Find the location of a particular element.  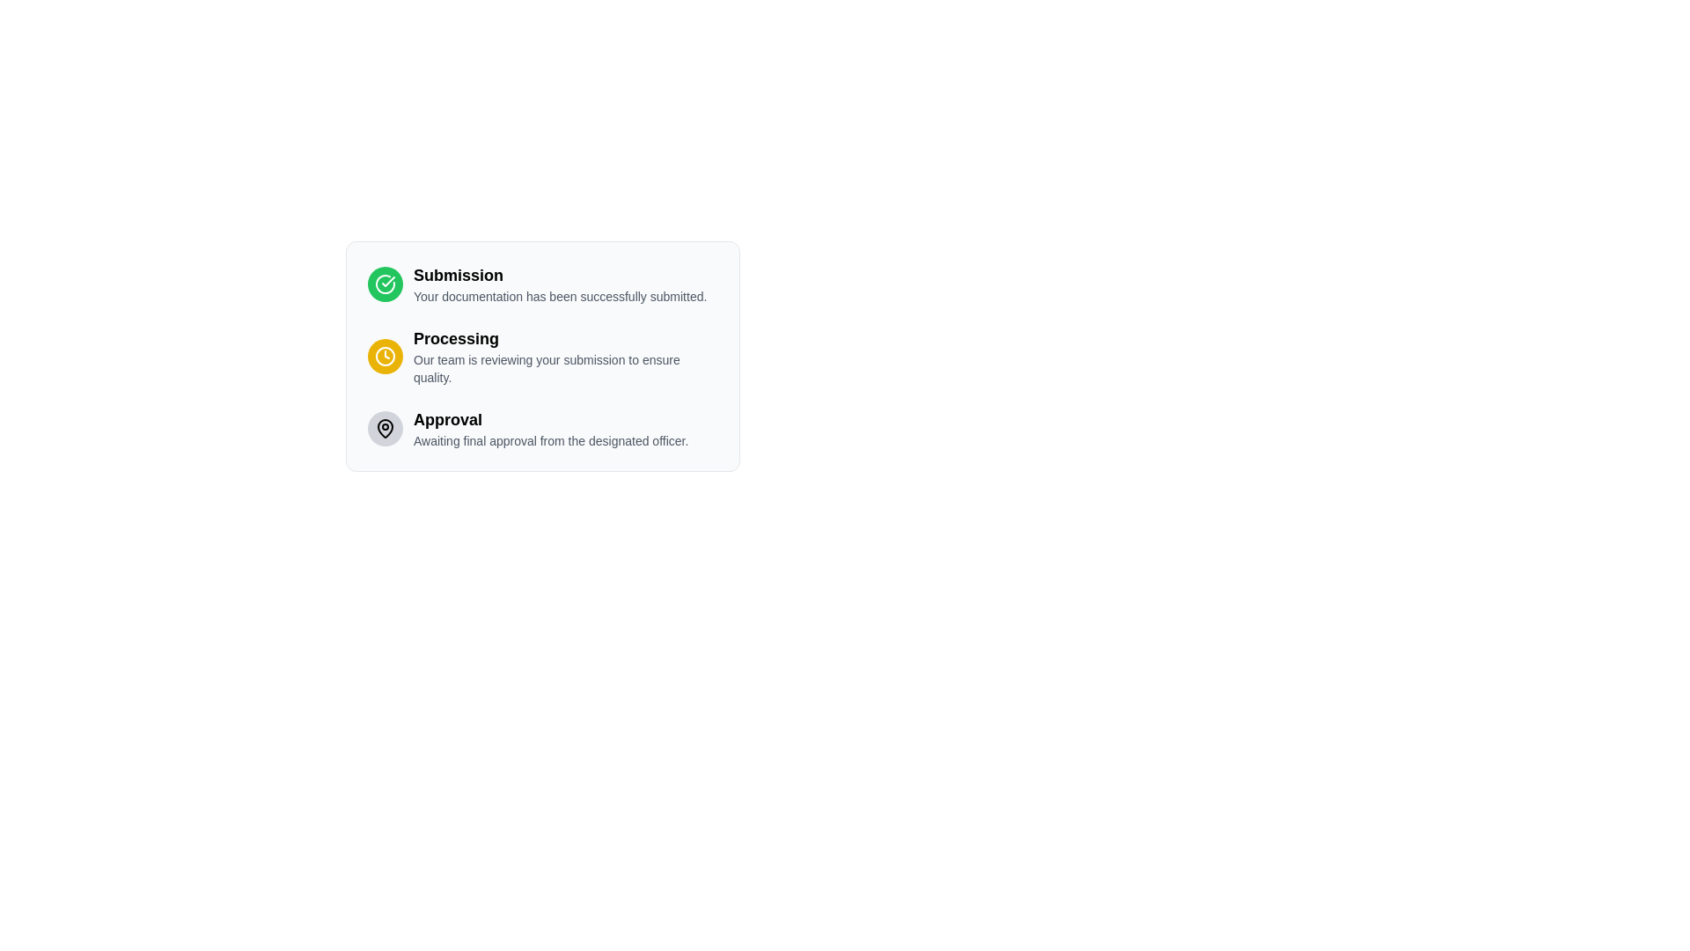

the clock icon with a yellow background located in the 'Processing' step of the card layout is located at coordinates (384, 357).